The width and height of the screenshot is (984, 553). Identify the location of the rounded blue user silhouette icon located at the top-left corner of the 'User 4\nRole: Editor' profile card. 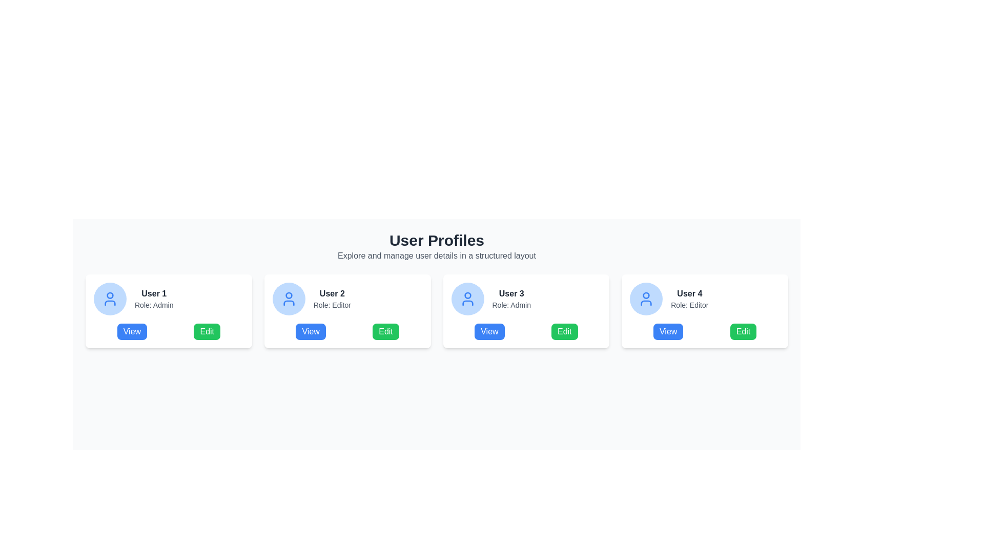
(646, 299).